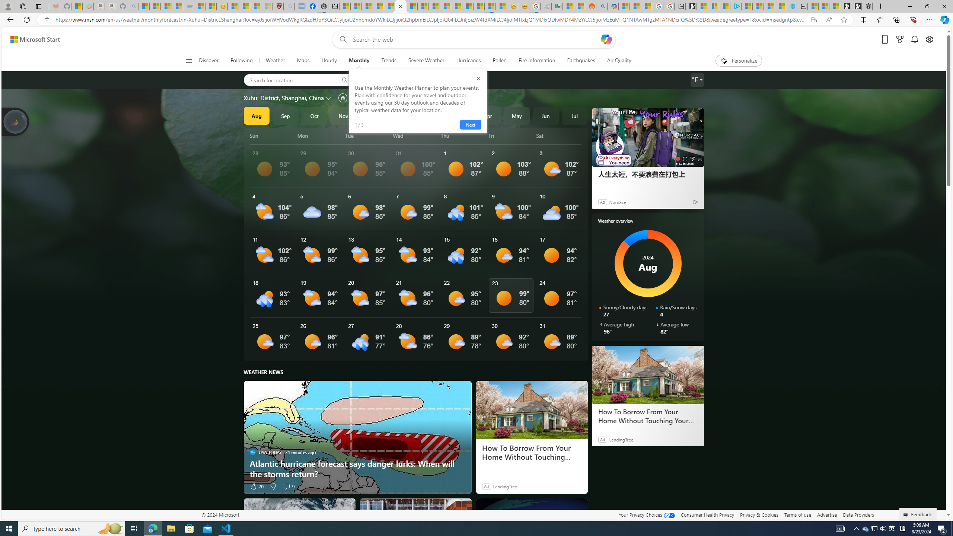 The width and height of the screenshot is (953, 536). What do you see at coordinates (601, 6) in the screenshot?
I see `'Utah sues federal government - Search'` at bounding box center [601, 6].